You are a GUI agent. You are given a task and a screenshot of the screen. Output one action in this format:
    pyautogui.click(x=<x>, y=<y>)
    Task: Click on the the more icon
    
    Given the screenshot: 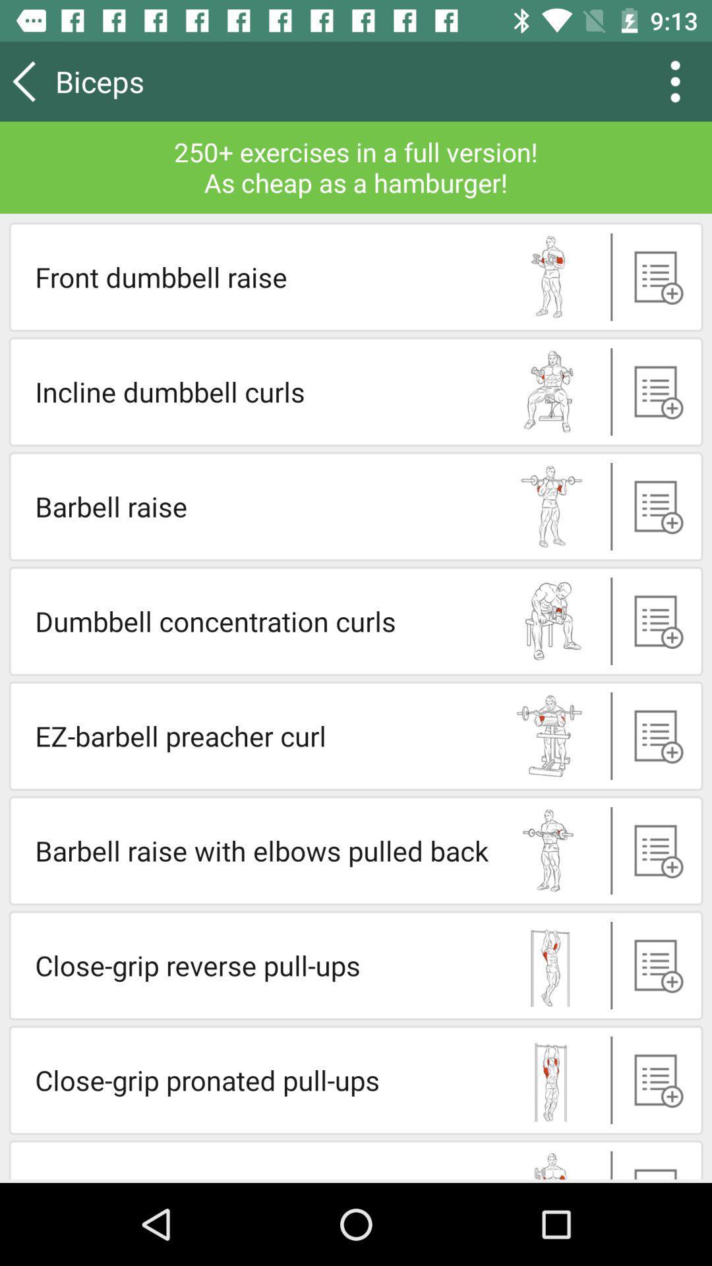 What is the action you would take?
    pyautogui.click(x=680, y=80)
    